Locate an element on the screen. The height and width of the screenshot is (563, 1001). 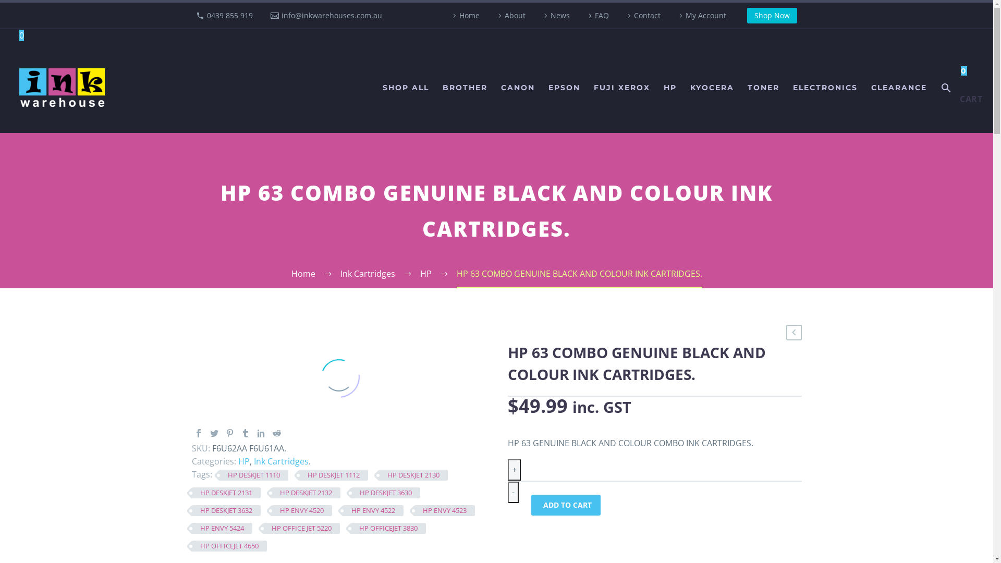
'0' is located at coordinates (959, 70).